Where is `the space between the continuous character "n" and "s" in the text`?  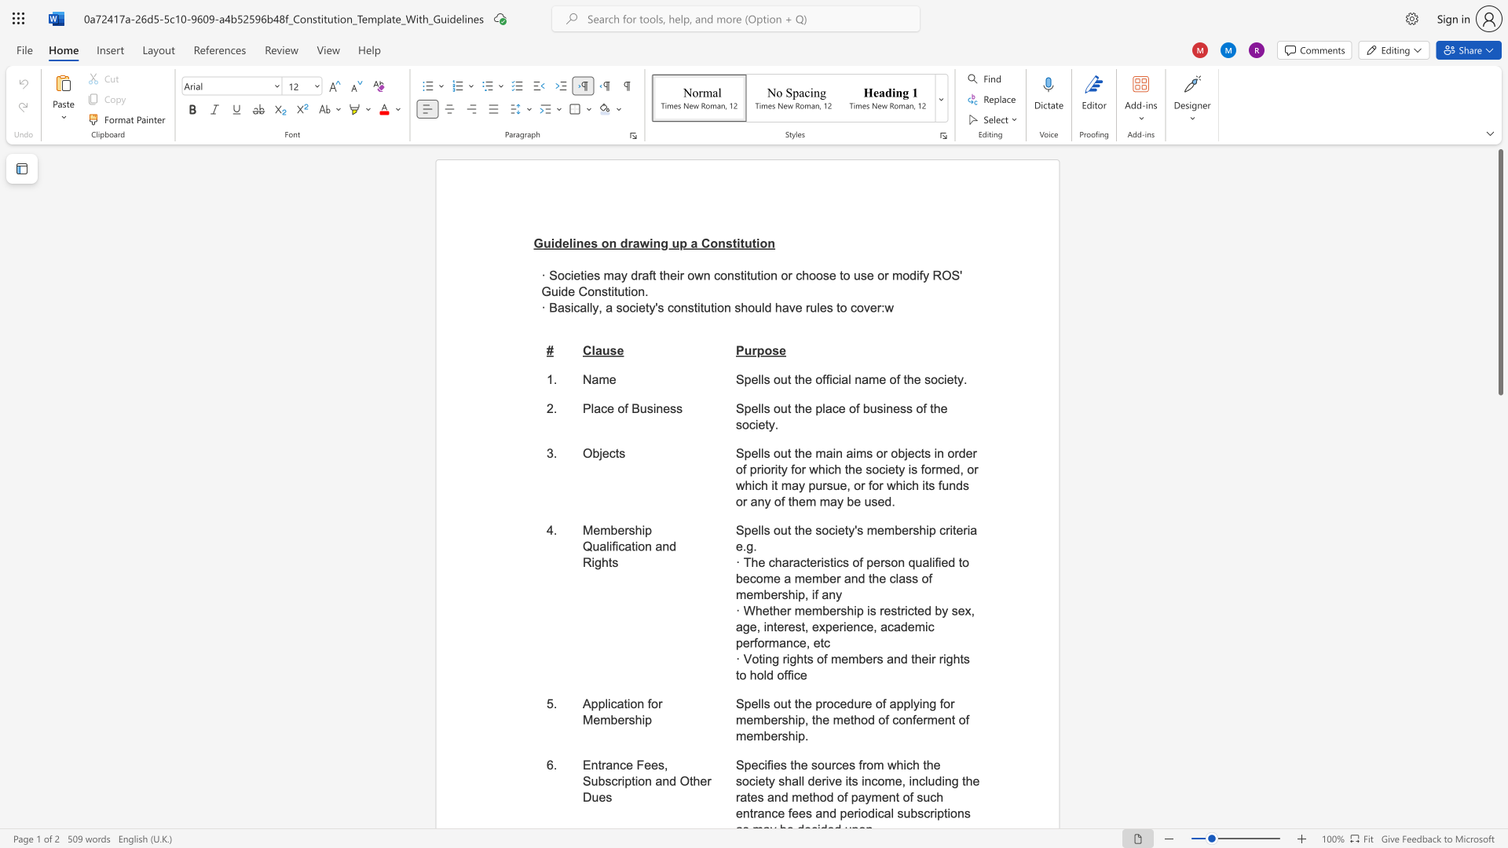
the space between the continuous character "n" and "s" in the text is located at coordinates (724, 243).